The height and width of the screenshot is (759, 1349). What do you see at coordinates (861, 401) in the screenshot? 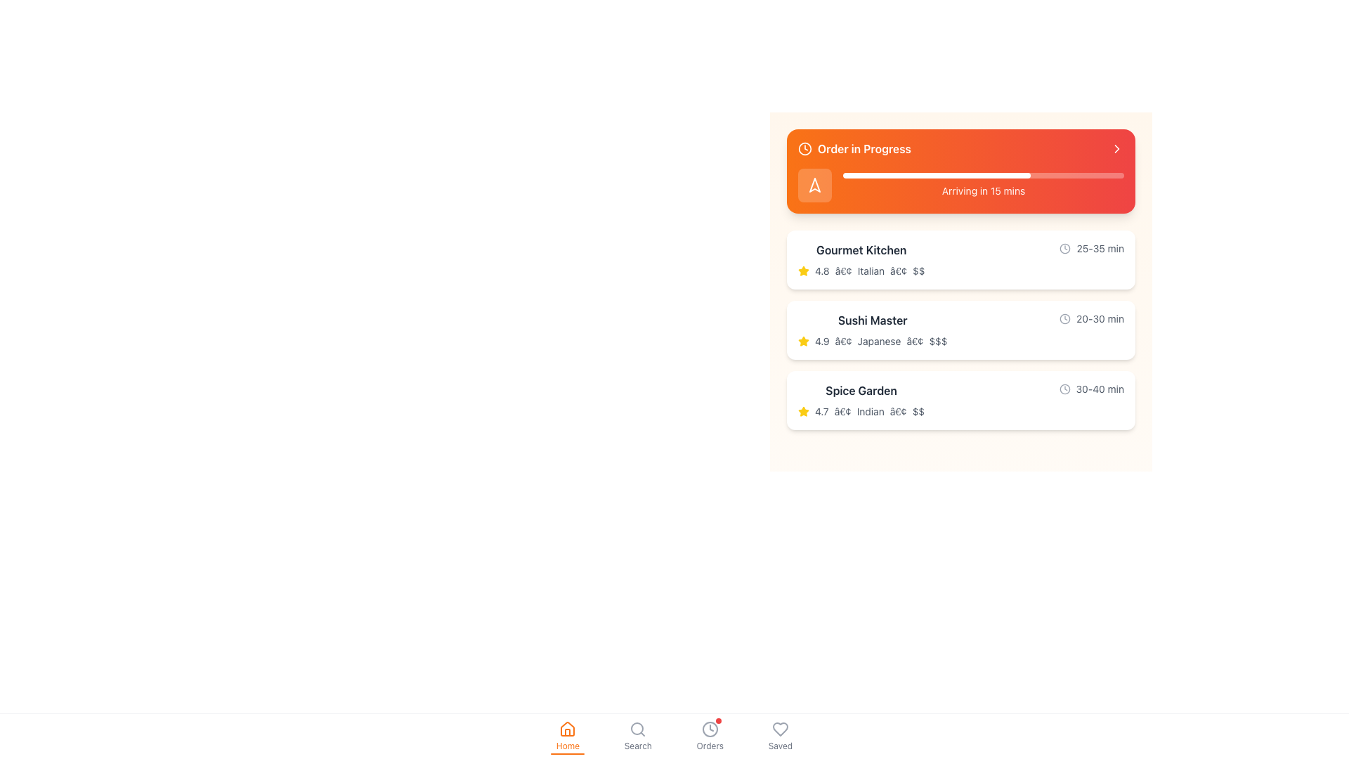
I see `the list item displaying information about the food establishment 'Spice Garden', which includes a rating of 4.7, cuisine type 'Indian', and a price level indicator '$$'` at bounding box center [861, 401].